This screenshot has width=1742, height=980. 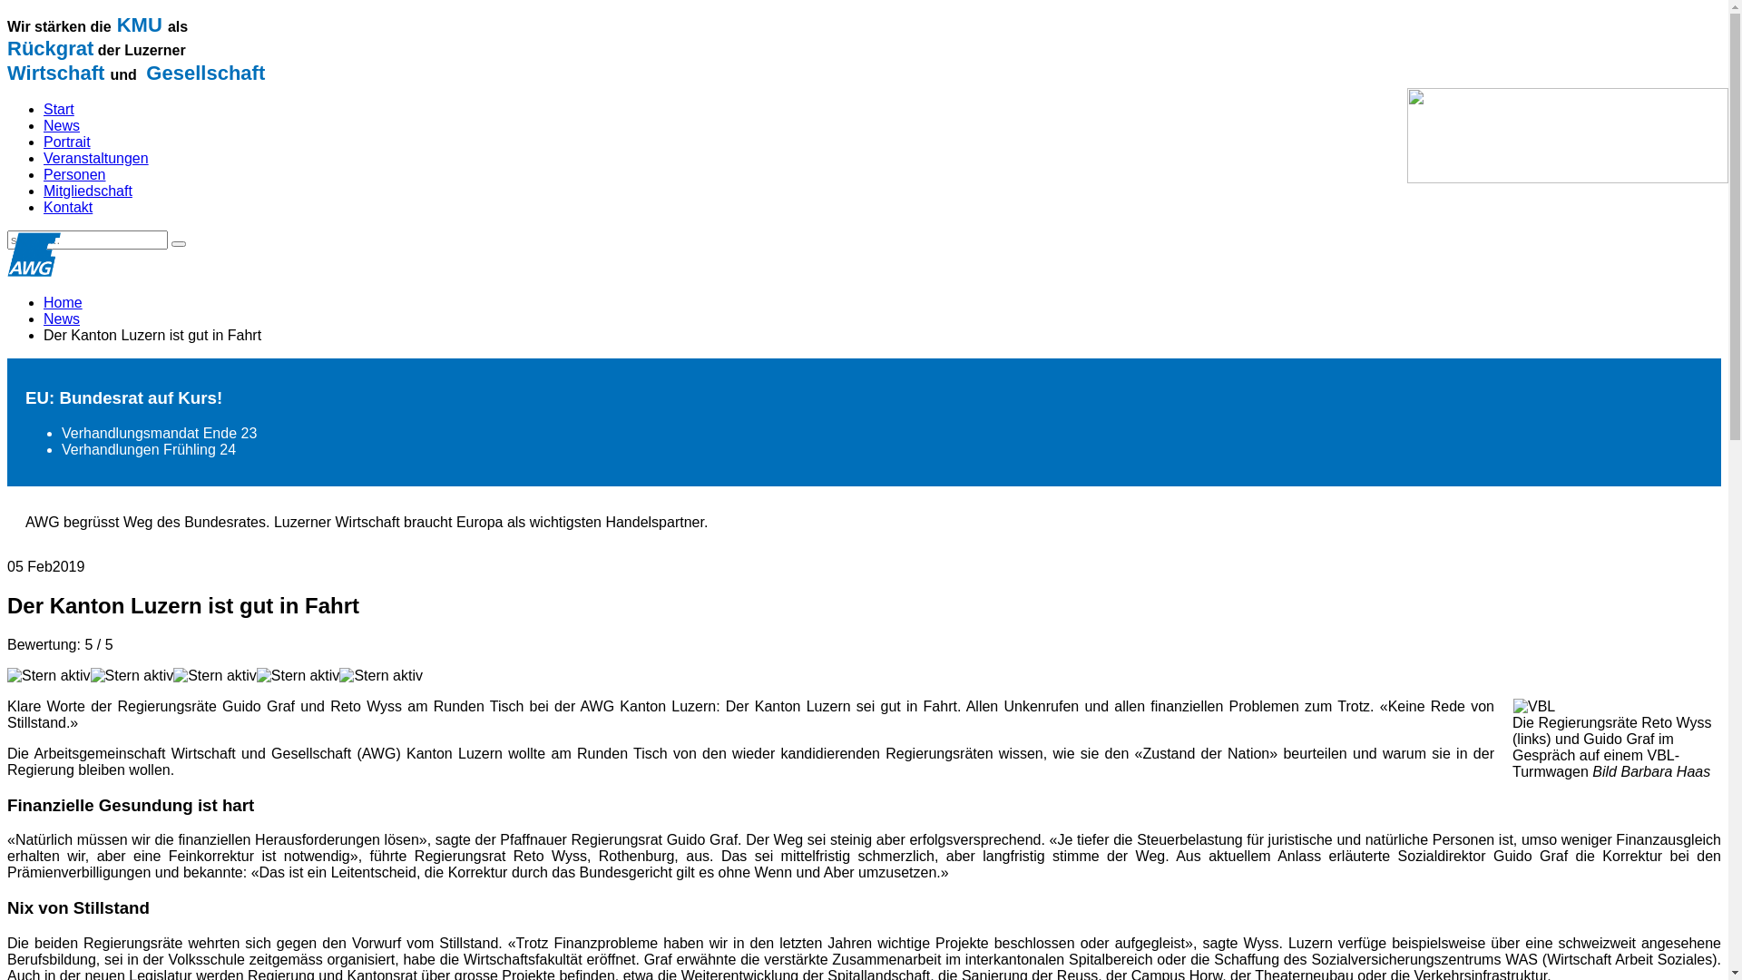 I want to click on 'Veranstaltungen', so click(x=94, y=157).